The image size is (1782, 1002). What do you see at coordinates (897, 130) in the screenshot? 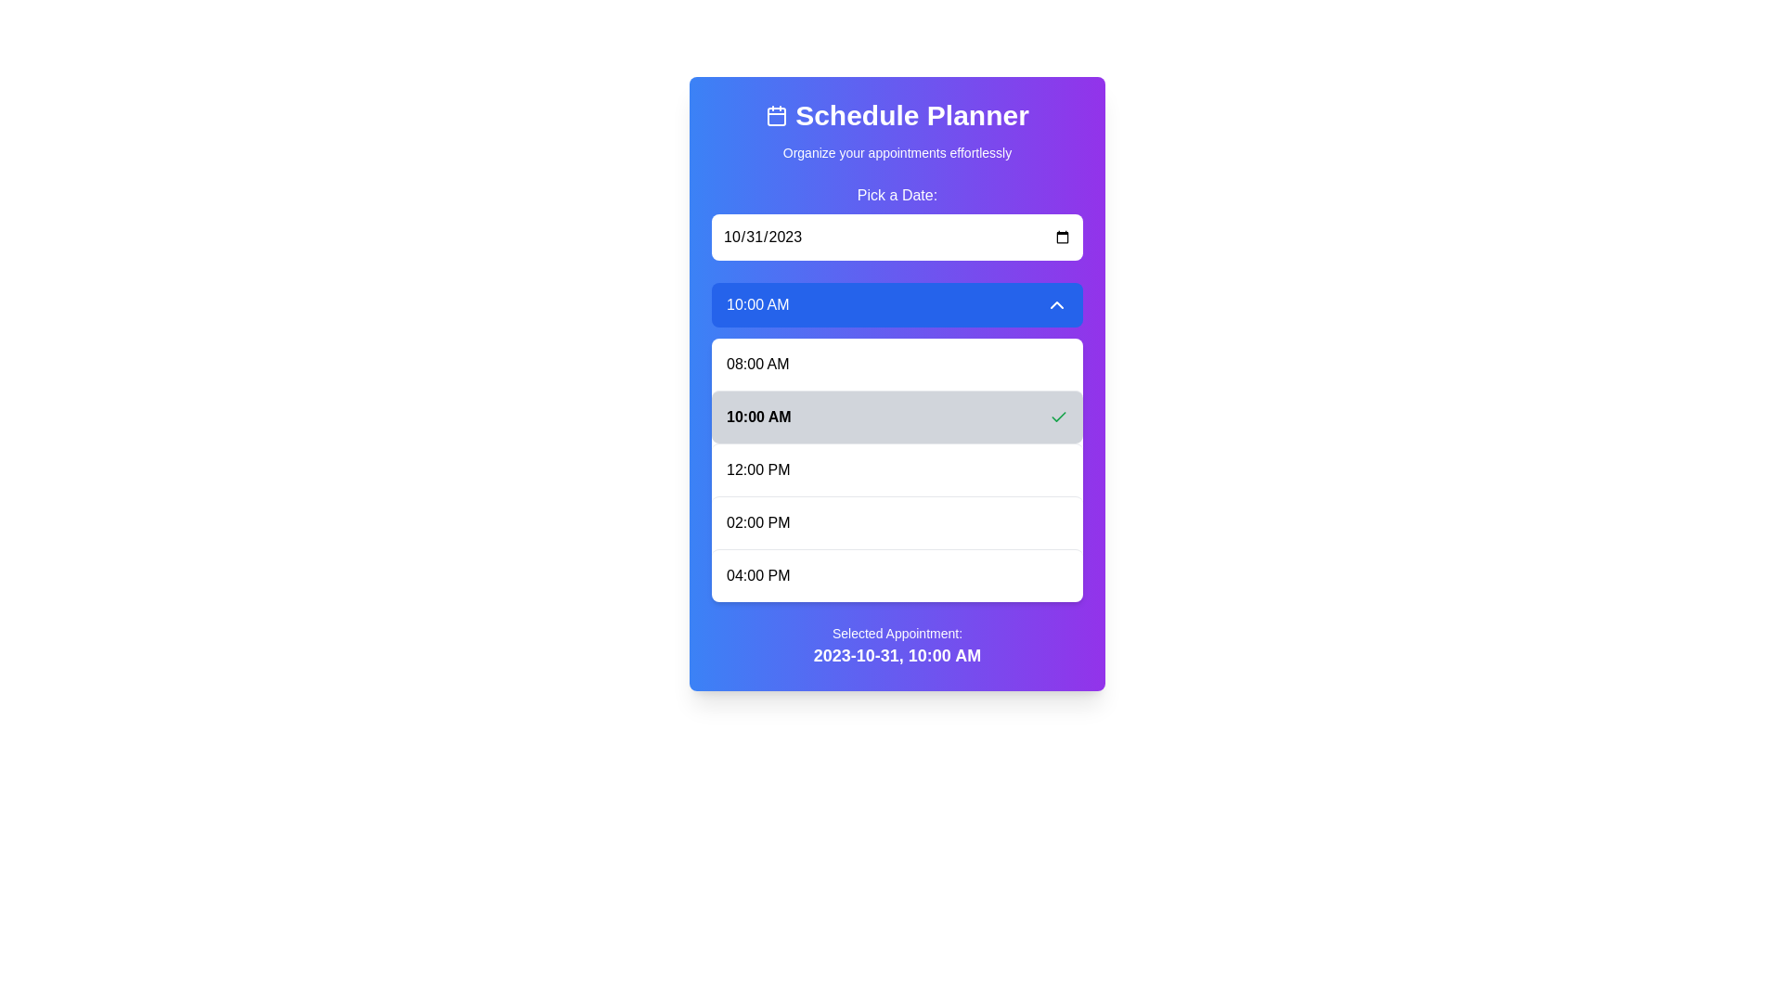
I see `the Header section that provides an overview of the dialog's purpose and assists in managing scheduling tasks, located at the top of the dialog window and centered horizontally` at bounding box center [897, 130].